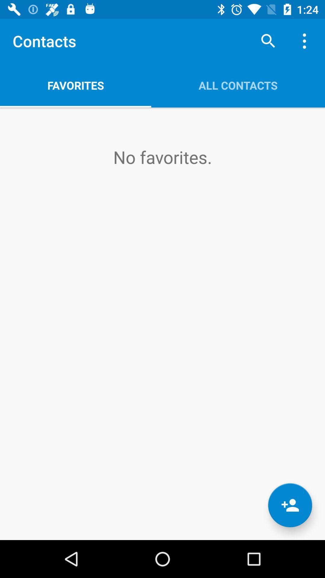 This screenshot has height=578, width=325. What do you see at coordinates (238, 85) in the screenshot?
I see `the icon to the right of favorites` at bounding box center [238, 85].